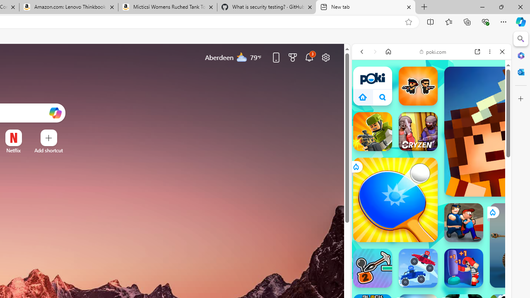  What do you see at coordinates (372, 131) in the screenshot?
I see `'Kour.io'` at bounding box center [372, 131].